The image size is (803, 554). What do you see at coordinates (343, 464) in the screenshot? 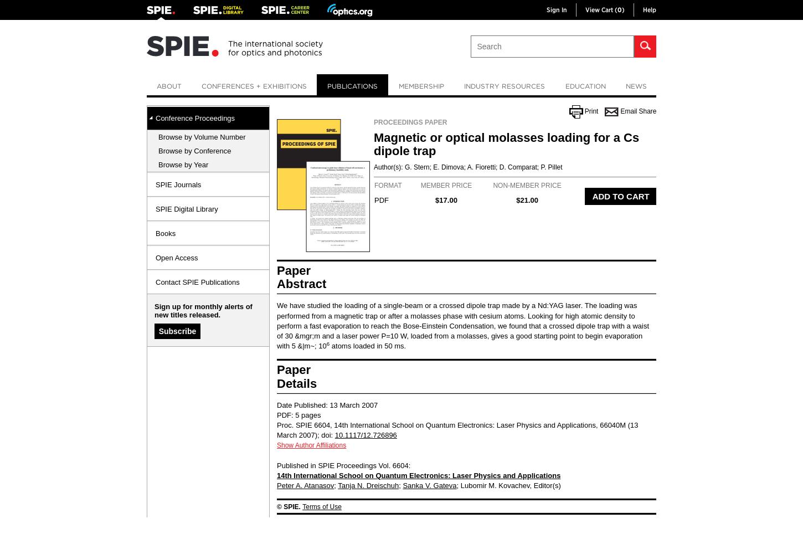
I see `'Published in SPIE Proceedings Vol. 6604:'` at bounding box center [343, 464].